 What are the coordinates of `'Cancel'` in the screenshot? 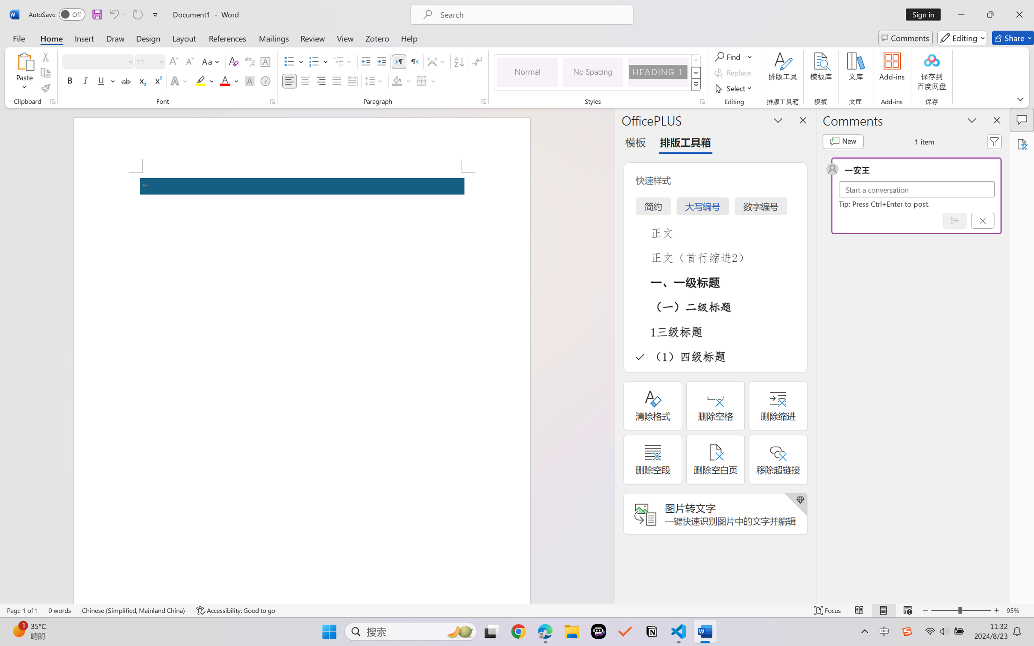 It's located at (982, 220).